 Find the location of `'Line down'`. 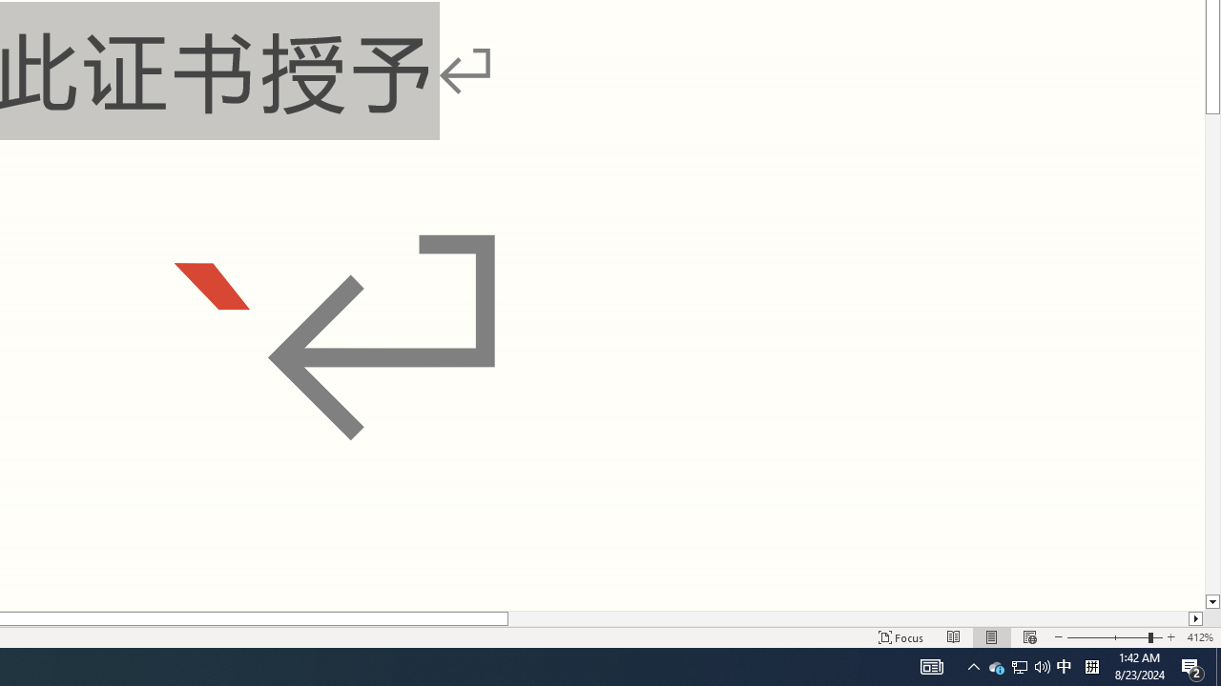

'Line down' is located at coordinates (1211, 602).